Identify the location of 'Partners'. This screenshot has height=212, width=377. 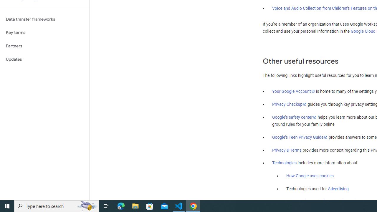
(44, 46).